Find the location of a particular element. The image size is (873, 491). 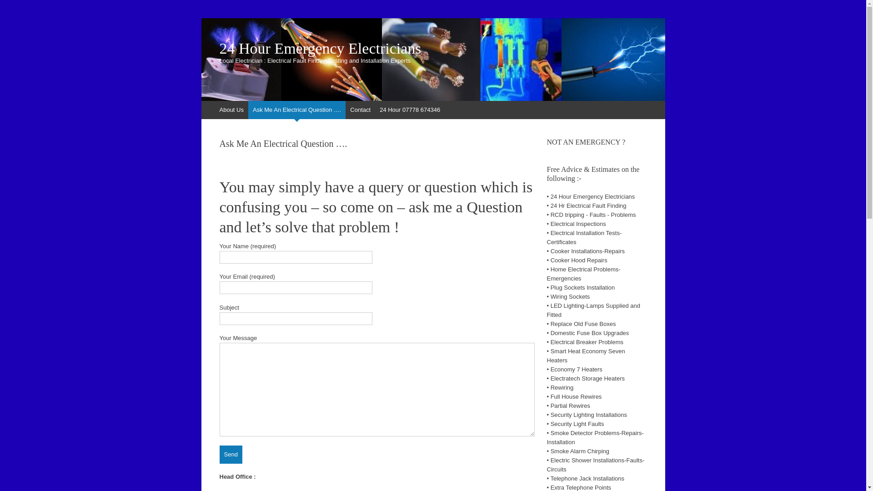

'About Us' is located at coordinates (231, 110).